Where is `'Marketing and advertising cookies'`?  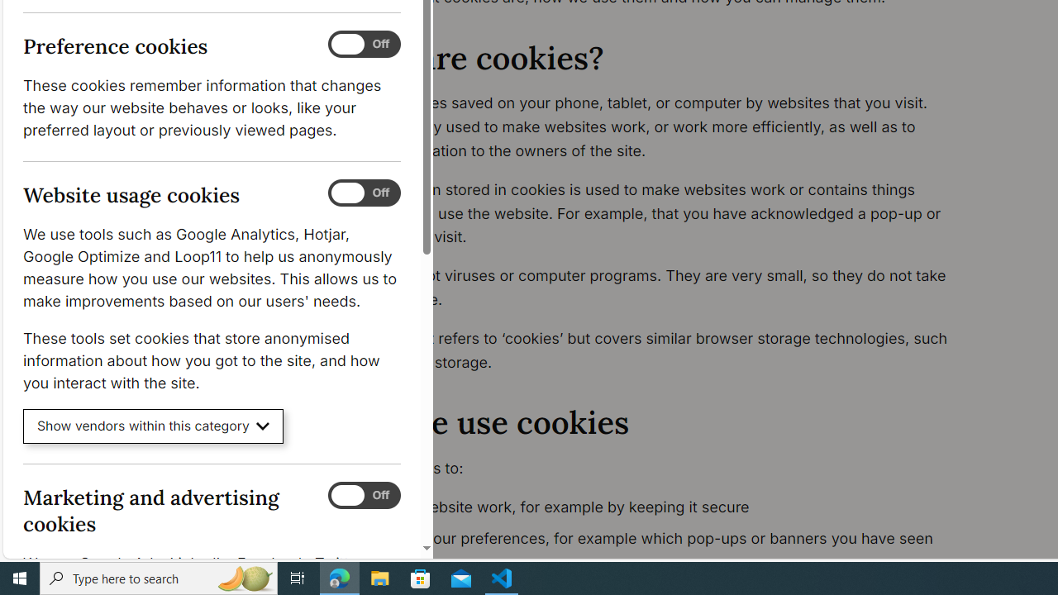 'Marketing and advertising cookies' is located at coordinates (363, 494).